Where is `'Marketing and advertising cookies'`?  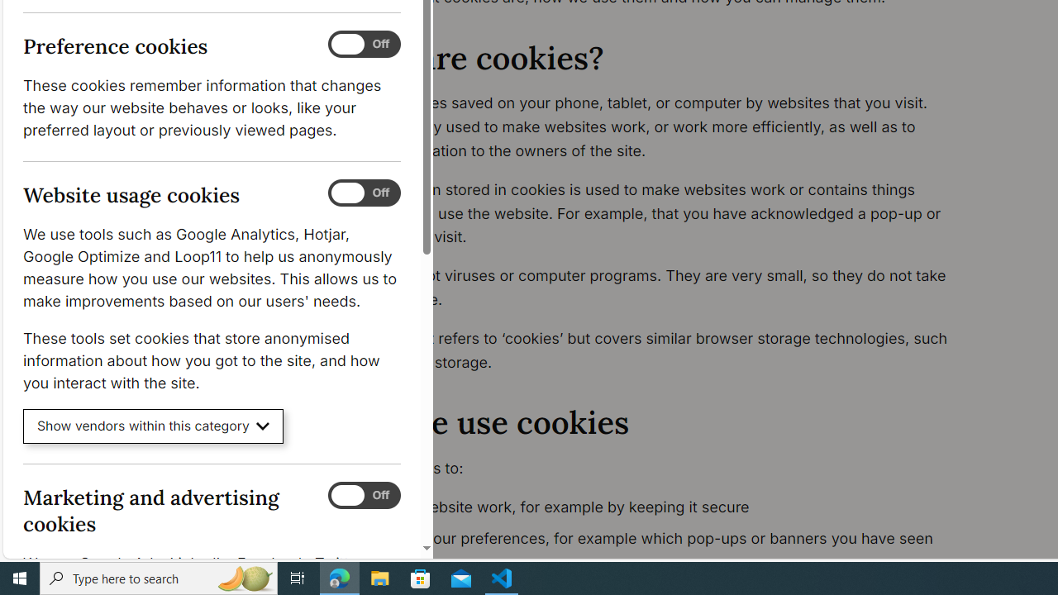 'Marketing and advertising cookies' is located at coordinates (363, 494).